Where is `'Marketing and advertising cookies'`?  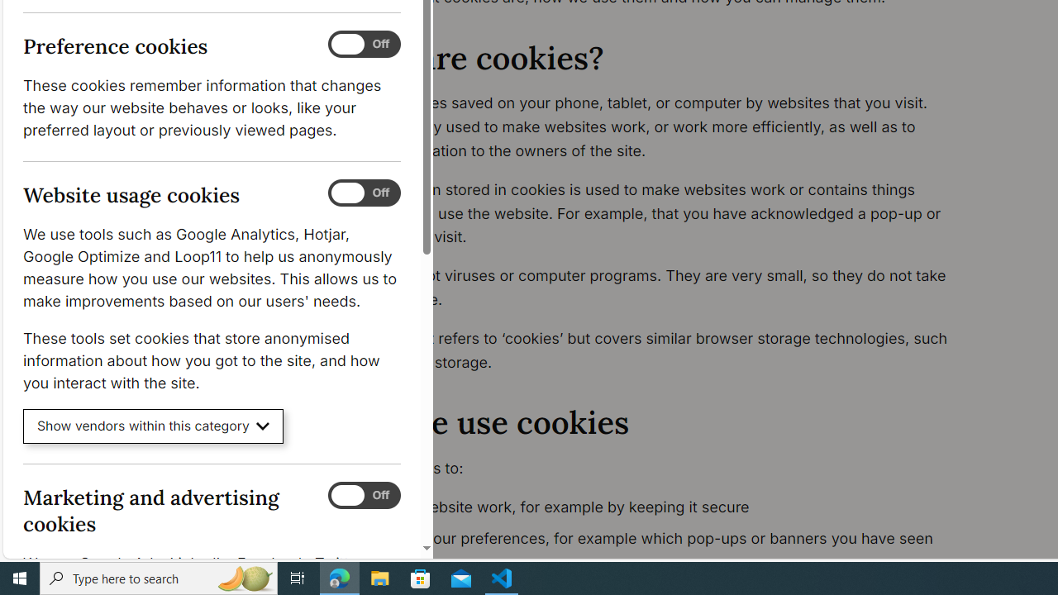 'Marketing and advertising cookies' is located at coordinates (363, 494).